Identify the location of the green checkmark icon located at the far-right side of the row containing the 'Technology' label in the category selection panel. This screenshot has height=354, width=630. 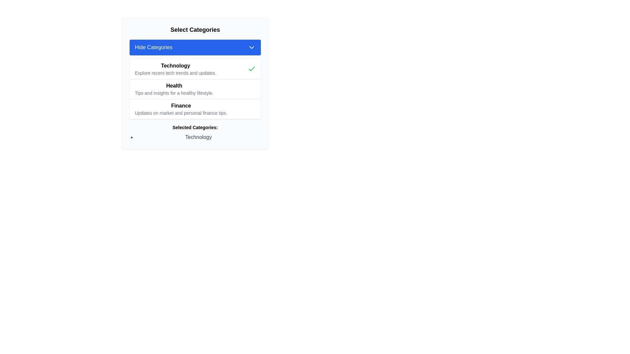
(251, 69).